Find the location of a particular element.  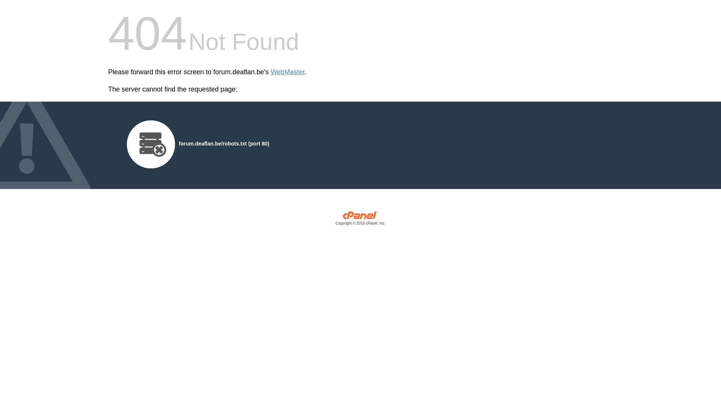

'WebMaster' is located at coordinates (287, 72).